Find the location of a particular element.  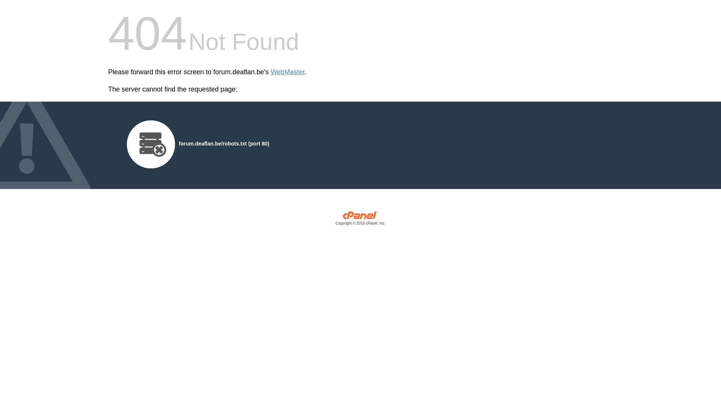

'WebMaster' is located at coordinates (287, 72).